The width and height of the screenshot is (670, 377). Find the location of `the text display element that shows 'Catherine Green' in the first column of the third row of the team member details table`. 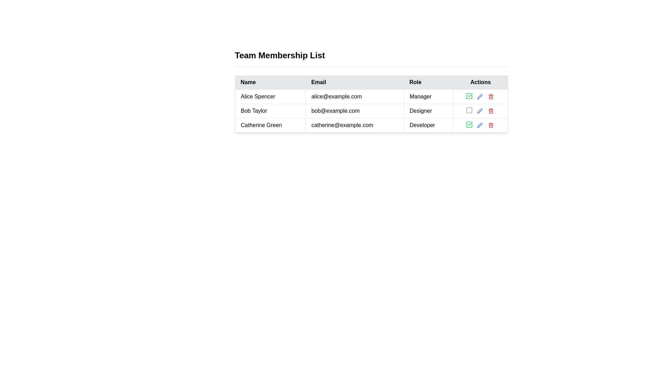

the text display element that shows 'Catherine Green' in the first column of the third row of the team member details table is located at coordinates (270, 125).